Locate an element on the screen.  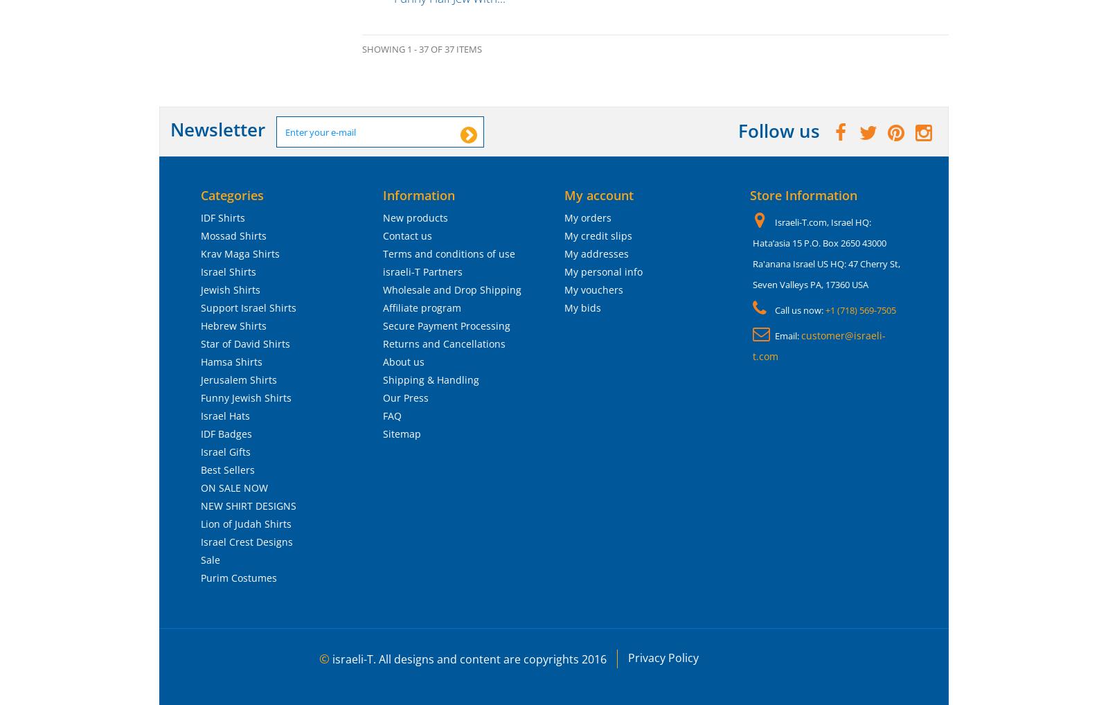
'Shipping & Handling' is located at coordinates (430, 379).